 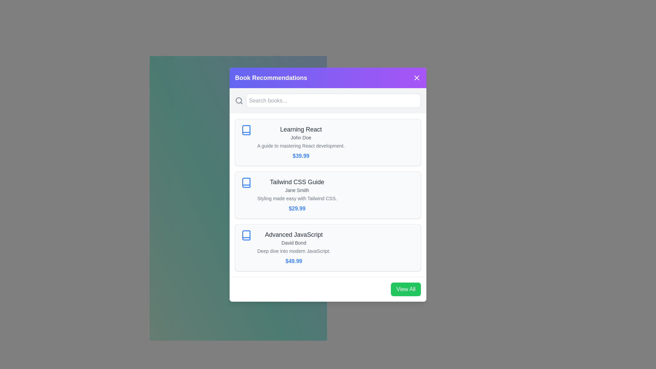 What do you see at coordinates (271, 77) in the screenshot?
I see `the text label reading 'Book Recommendations', which is styled in bold, medium size, and white color, located centrally in the top bar of the modal to the left of the close button` at bounding box center [271, 77].